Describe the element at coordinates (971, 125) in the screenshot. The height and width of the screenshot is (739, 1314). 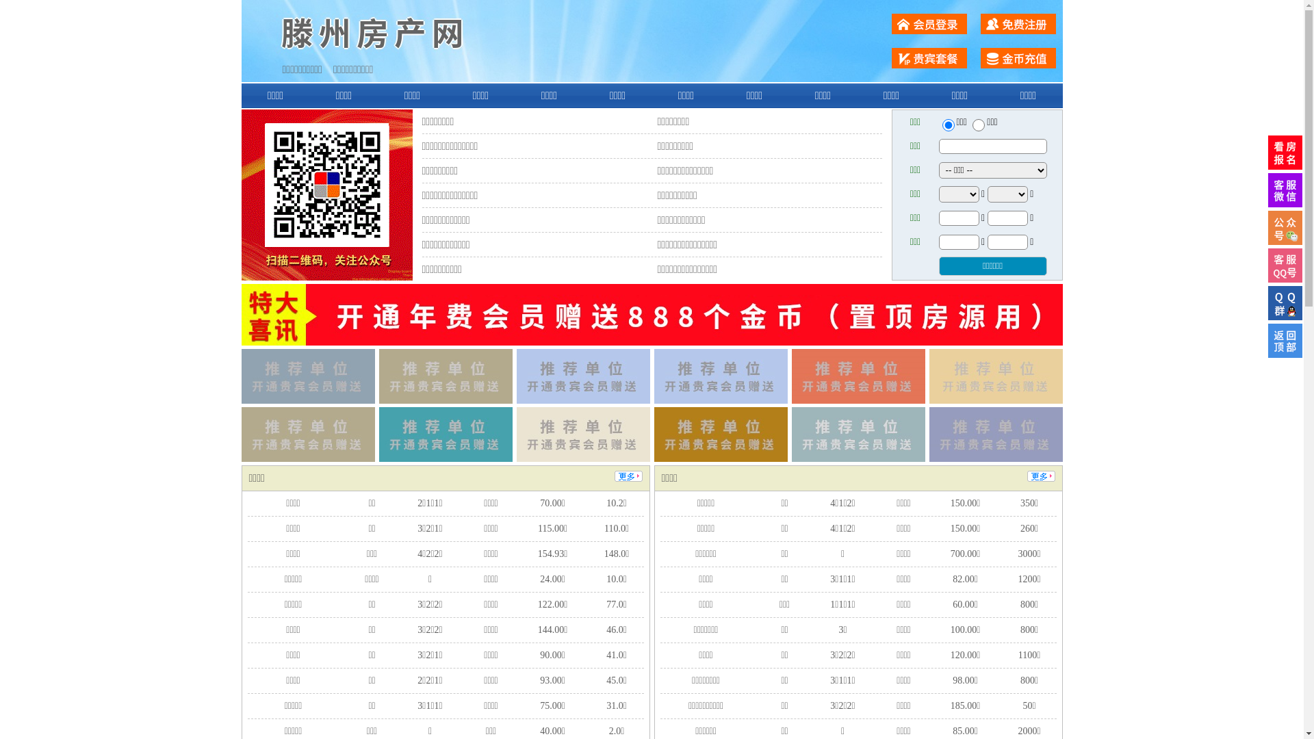
I see `'chuzu'` at that location.